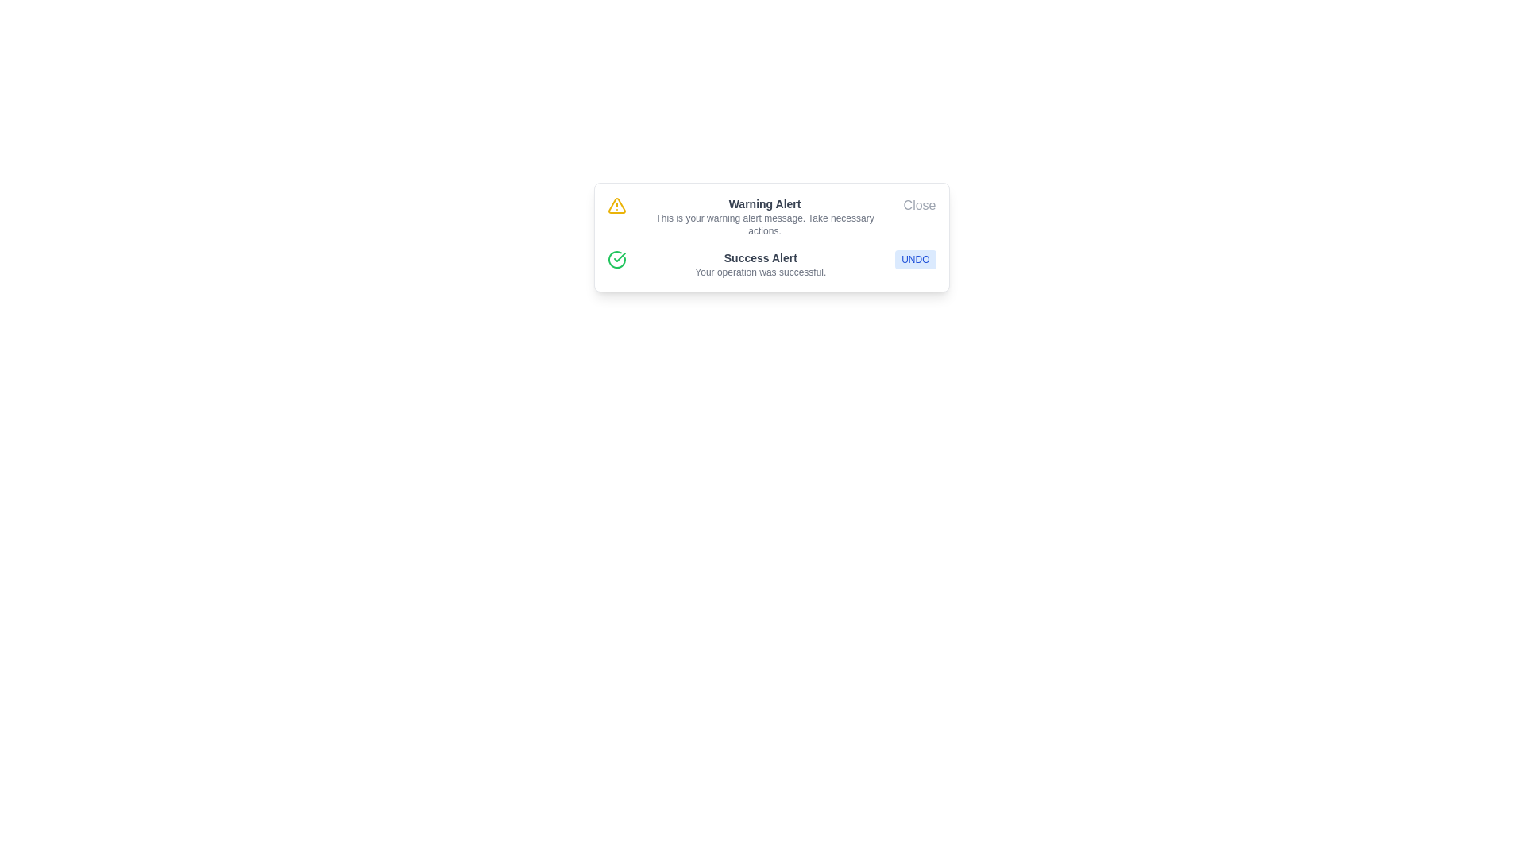  I want to click on text label indicating the nature of the notification, which states 'Success Alert', located at the top of the alert panel's lower section, so click(759, 257).